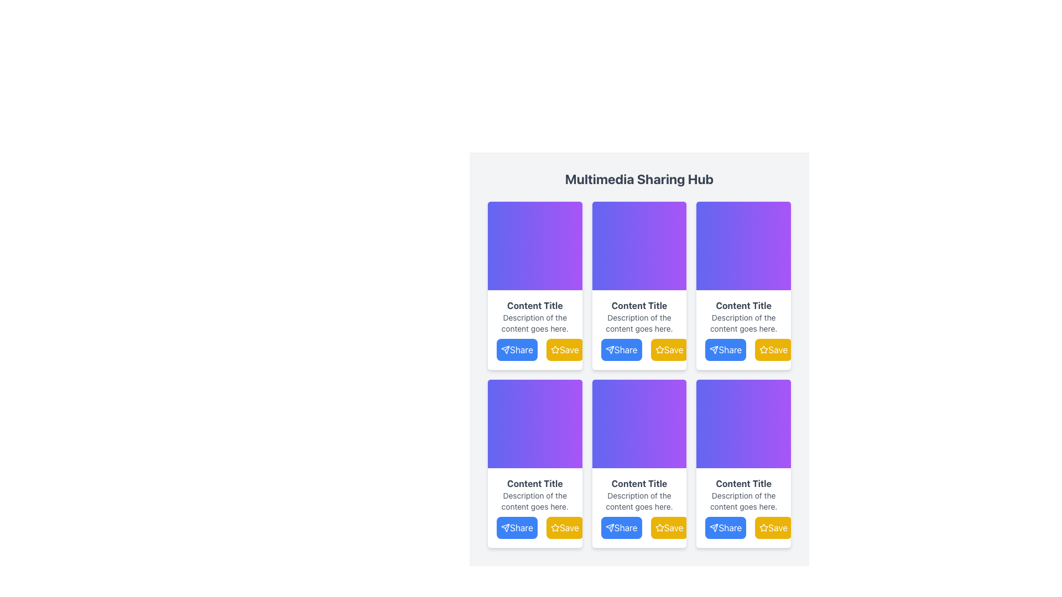  What do you see at coordinates (504, 527) in the screenshot?
I see `the share icon located in the bottom-left corner of the card in the third row, first column of the grid, which is part of a blue button labeled 'Share'` at bounding box center [504, 527].